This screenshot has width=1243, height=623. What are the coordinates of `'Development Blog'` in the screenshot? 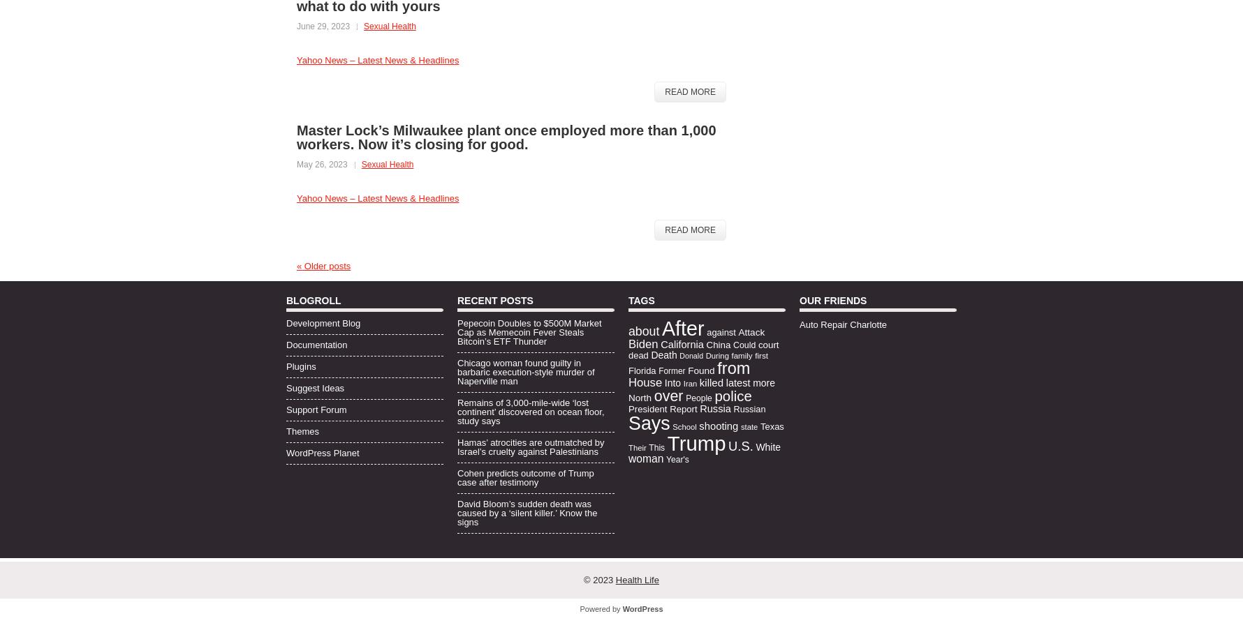 It's located at (323, 322).